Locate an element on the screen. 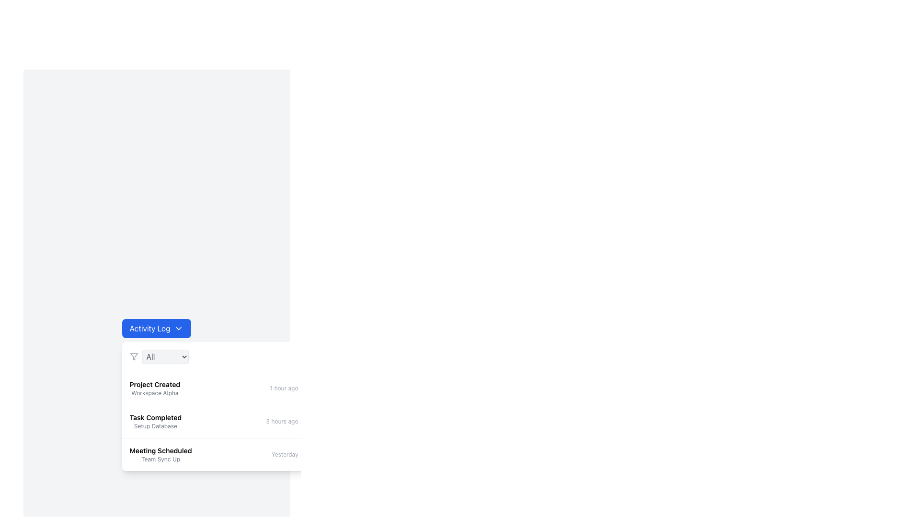  text from the Timestamp label displaying '1 hour ago', which is located on the far right side of the first entry in the activity log dropdown is located at coordinates (283, 388).